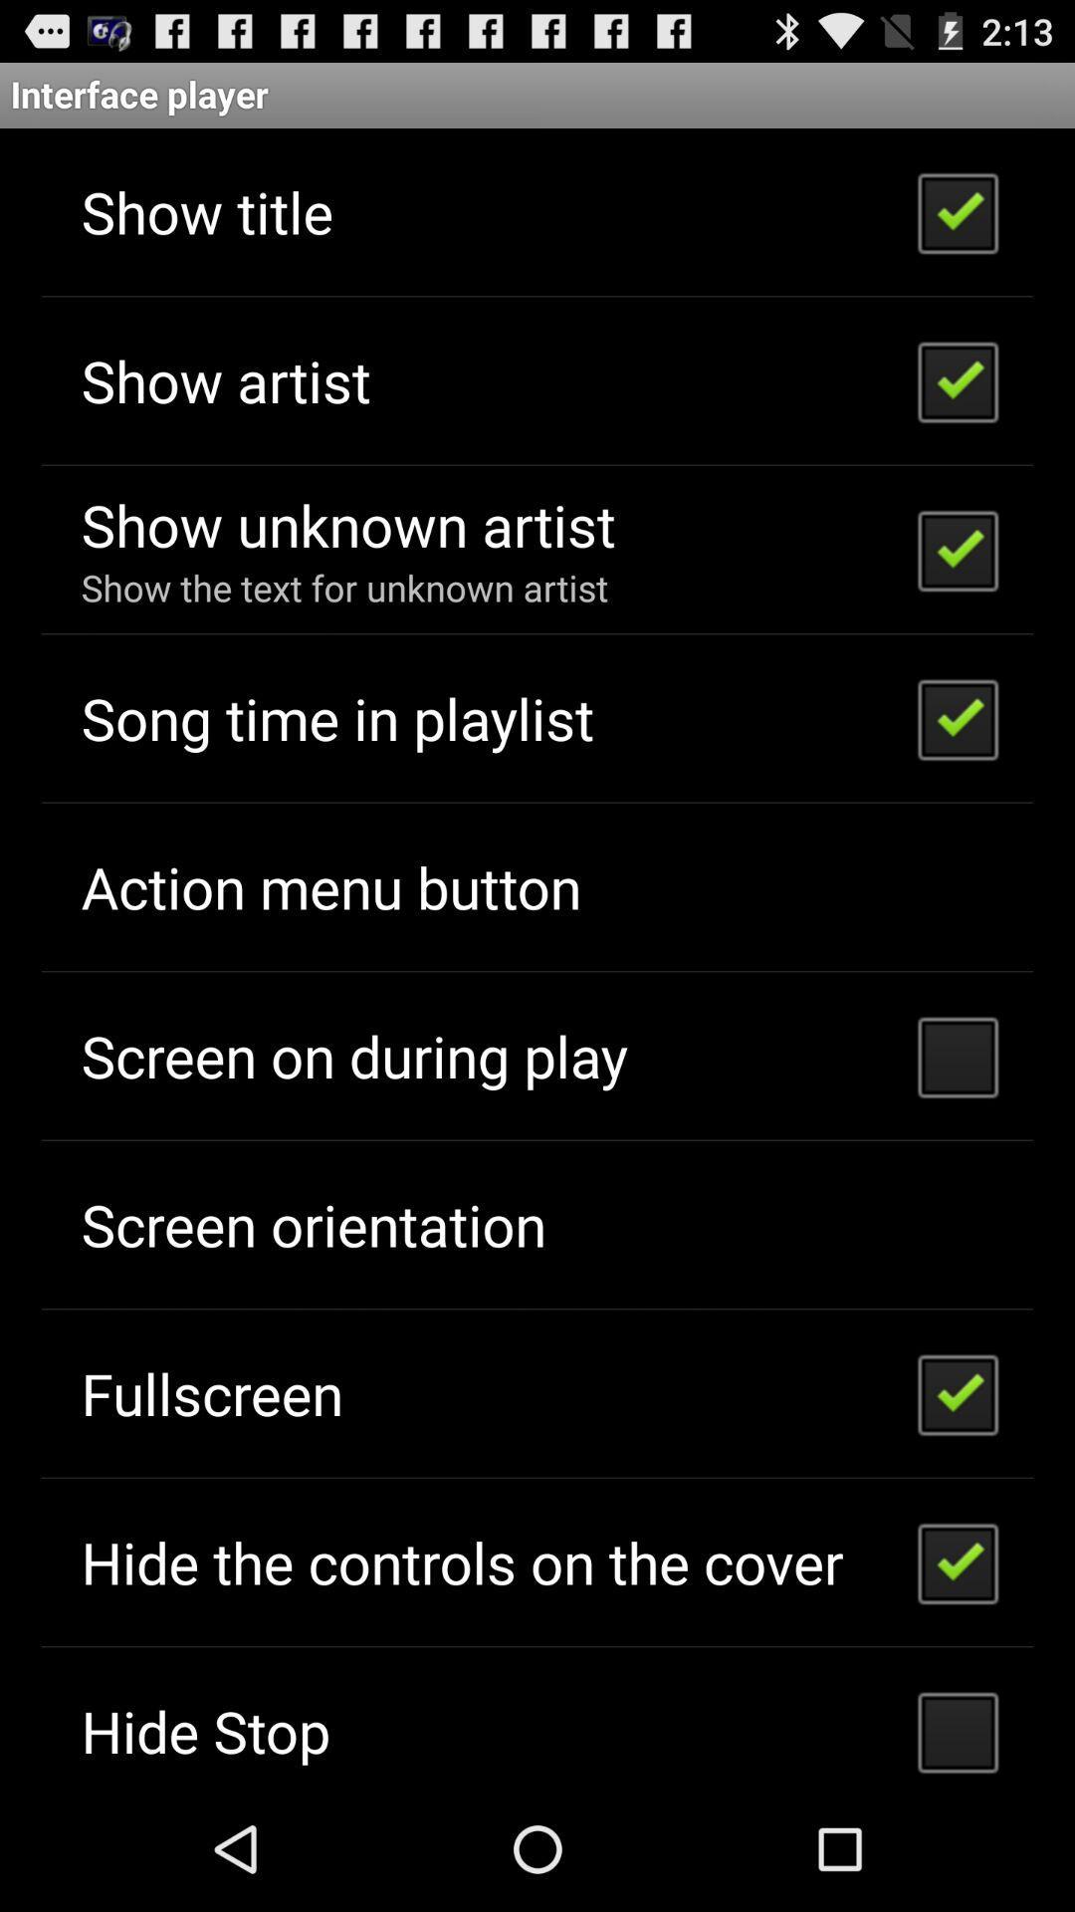 The image size is (1075, 1912). What do you see at coordinates (206, 1730) in the screenshot?
I see `the hide stop item` at bounding box center [206, 1730].